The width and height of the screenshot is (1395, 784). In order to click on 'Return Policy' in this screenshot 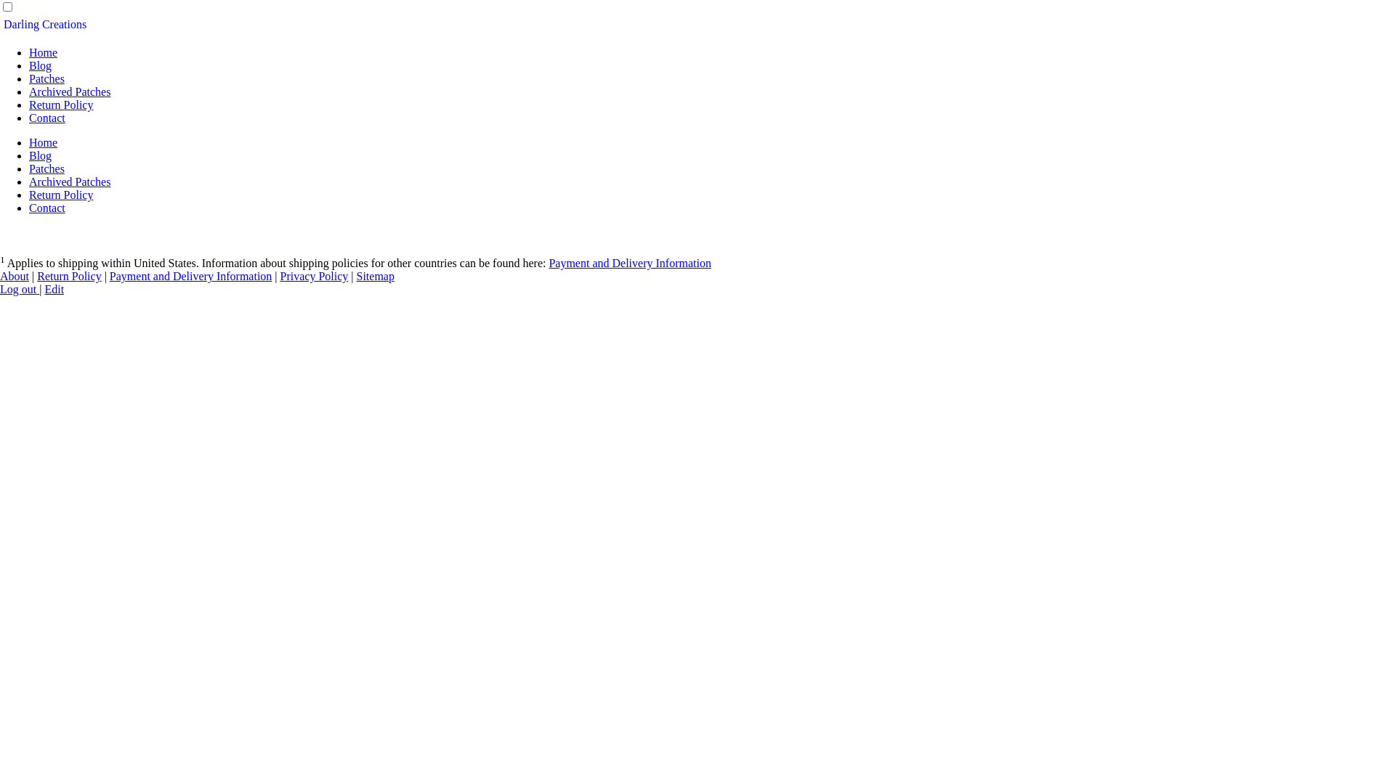, I will do `click(60, 104)`.